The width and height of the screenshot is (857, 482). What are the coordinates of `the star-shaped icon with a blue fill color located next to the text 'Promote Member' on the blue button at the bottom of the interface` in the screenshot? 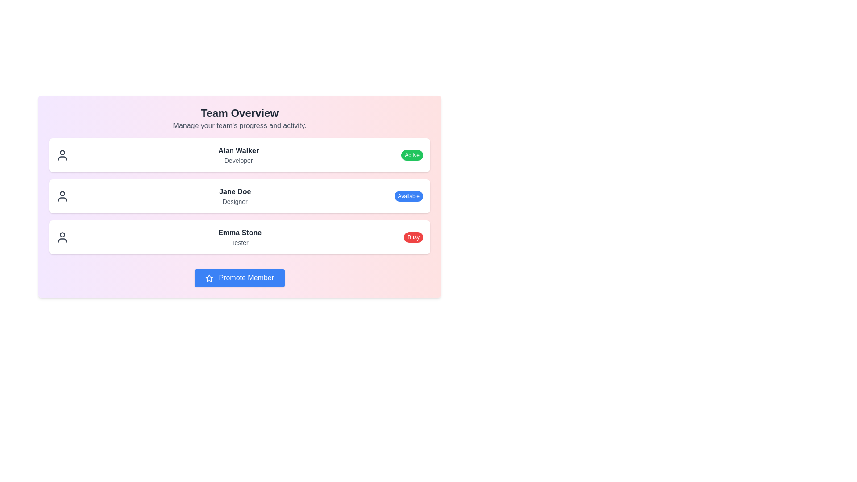 It's located at (209, 278).